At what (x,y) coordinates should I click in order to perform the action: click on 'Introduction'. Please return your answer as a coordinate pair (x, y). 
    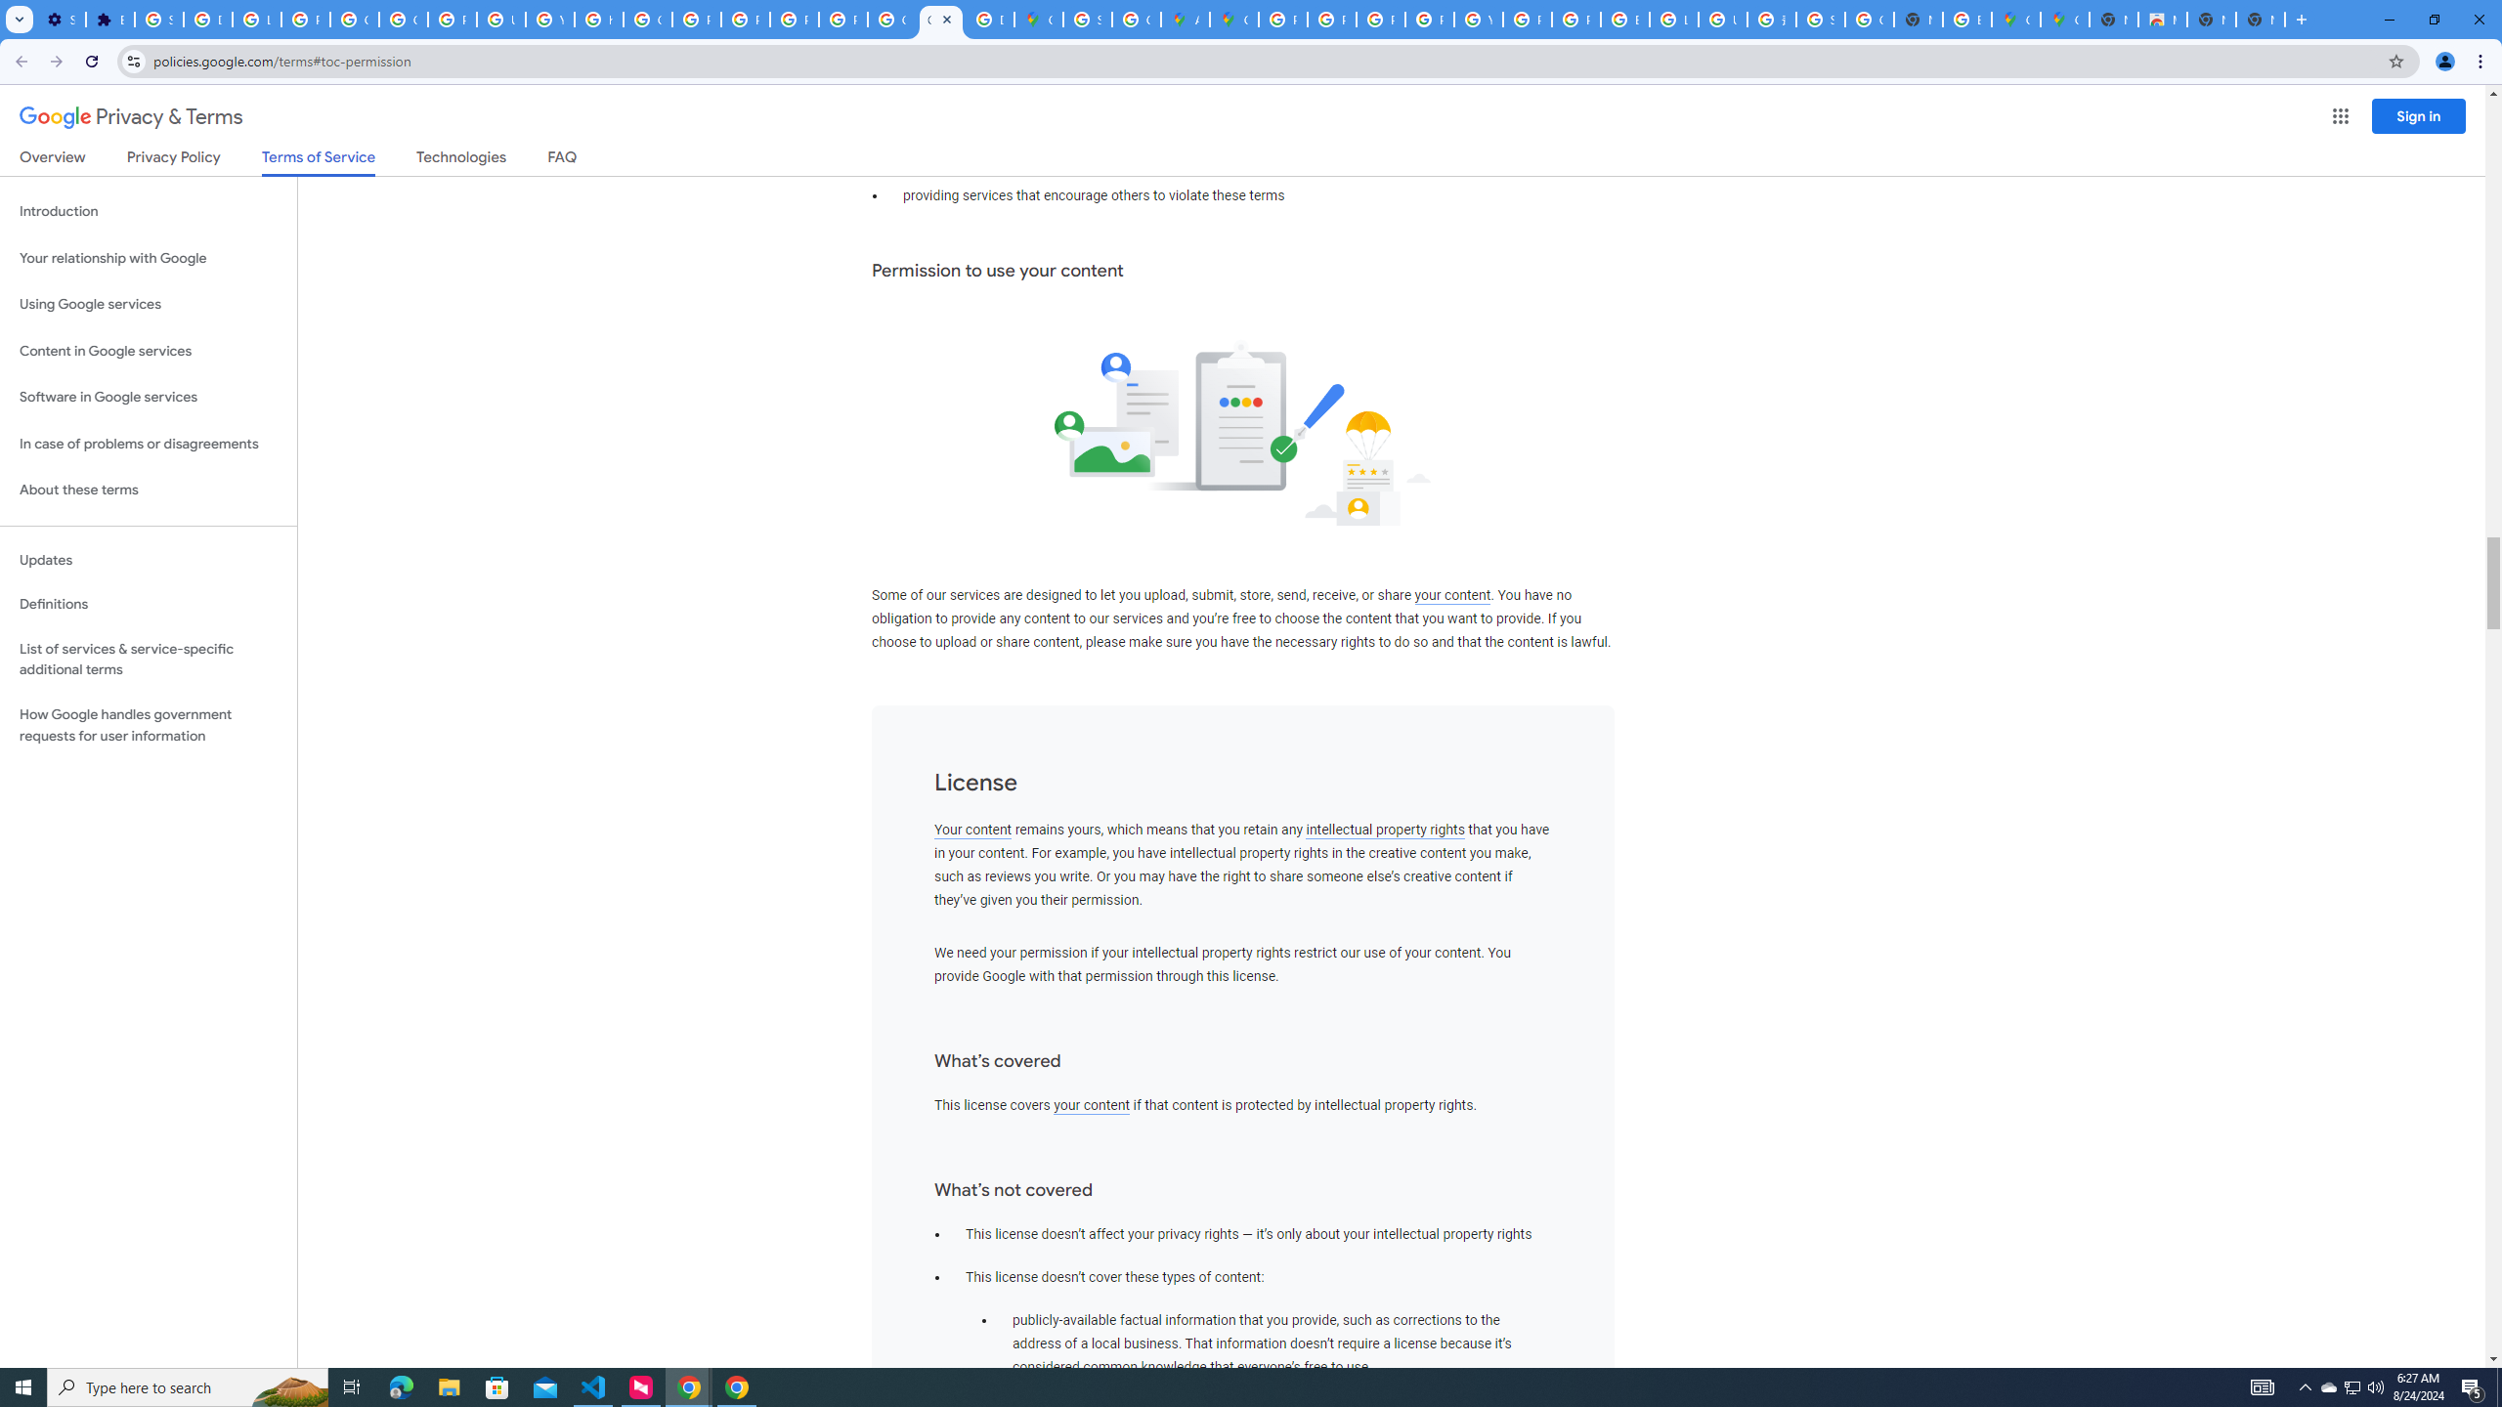
    Looking at the image, I should click on (148, 210).